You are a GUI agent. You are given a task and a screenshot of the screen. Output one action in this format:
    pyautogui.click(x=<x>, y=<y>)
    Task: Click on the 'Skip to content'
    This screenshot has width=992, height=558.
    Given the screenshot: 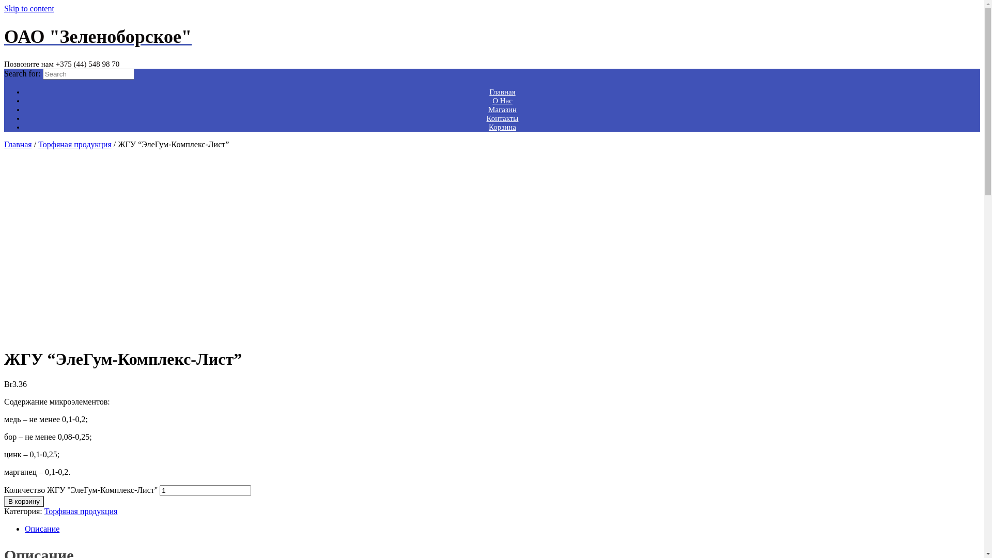 What is the action you would take?
    pyautogui.click(x=29, y=8)
    